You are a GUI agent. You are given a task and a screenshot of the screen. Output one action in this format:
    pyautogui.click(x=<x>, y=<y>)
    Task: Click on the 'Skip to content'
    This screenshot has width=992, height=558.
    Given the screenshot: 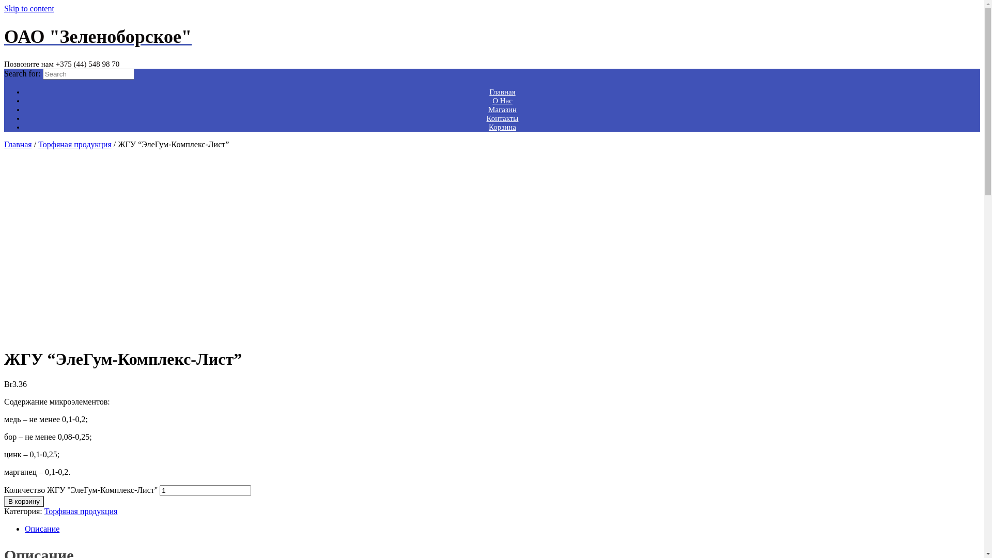 What is the action you would take?
    pyautogui.click(x=29, y=8)
    